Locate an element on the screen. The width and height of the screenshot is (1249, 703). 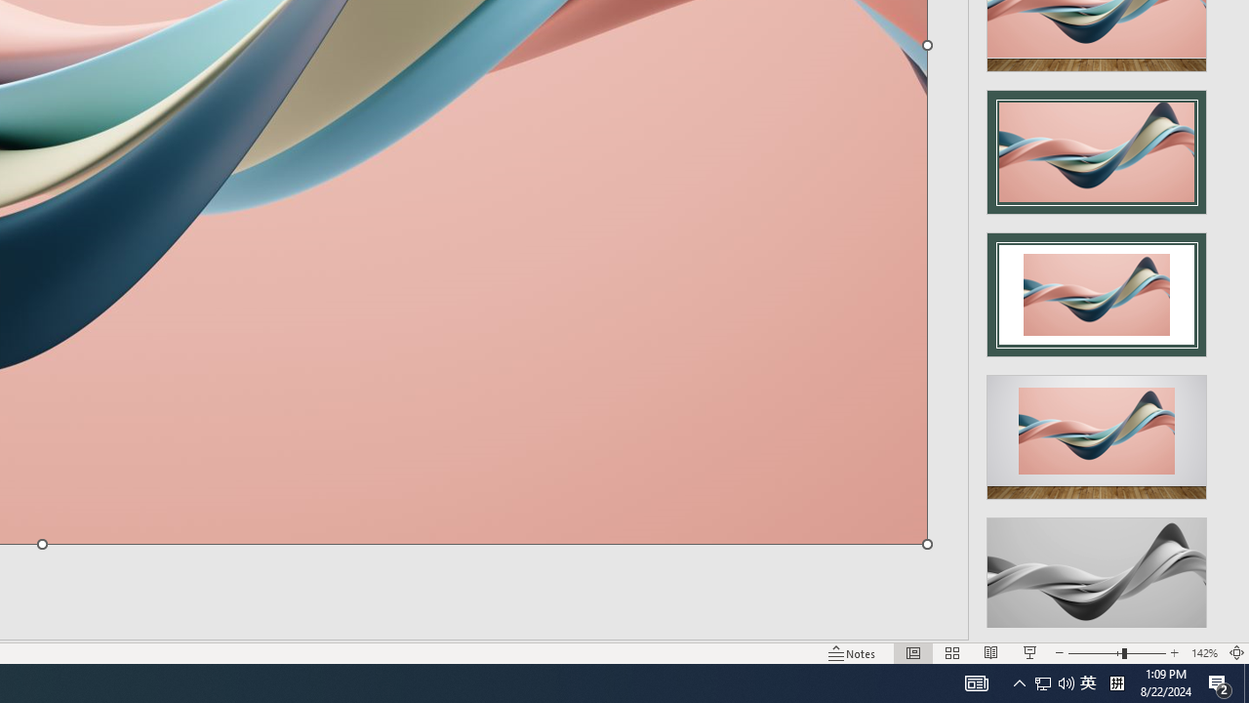
'Zoom 142%' is located at coordinates (1203, 653).